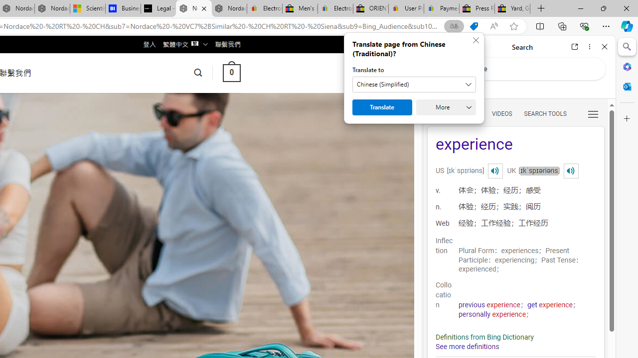 The width and height of the screenshot is (638, 358). I want to click on 'Class: b_serphb', so click(593, 114).